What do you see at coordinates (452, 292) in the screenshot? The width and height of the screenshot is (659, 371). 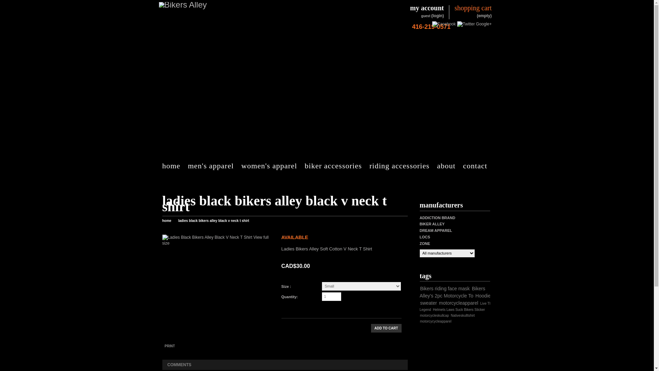 I see `'Bikers Alley's 2pc Motorcycle To'` at bounding box center [452, 292].